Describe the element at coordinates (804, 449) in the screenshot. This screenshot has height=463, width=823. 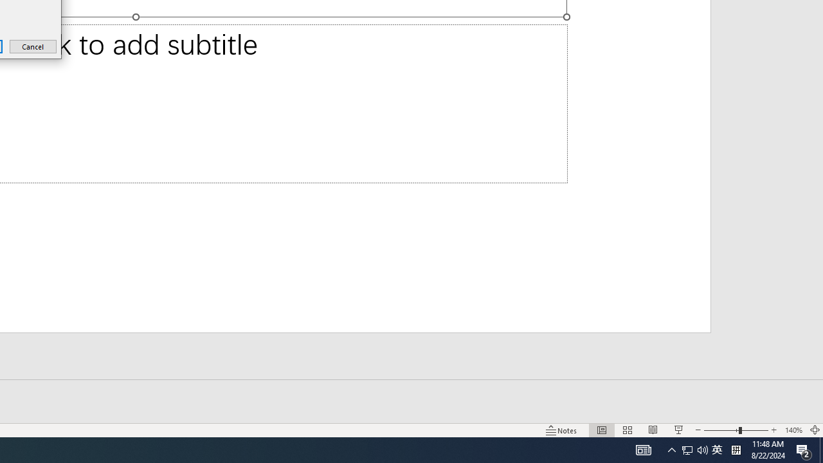
I see `'Action Center, 2 new notifications'` at that location.